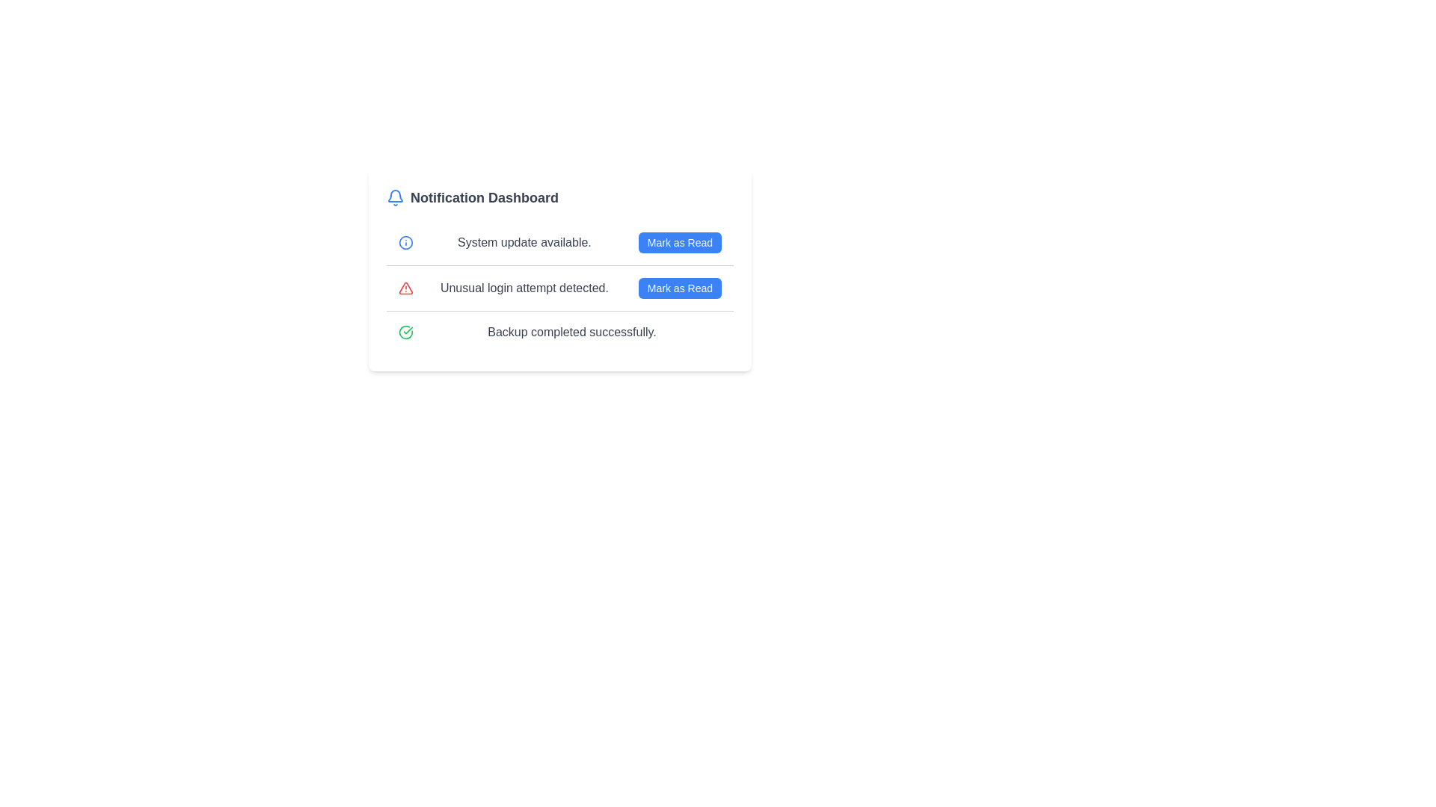 The width and height of the screenshot is (1436, 807). What do you see at coordinates (524, 241) in the screenshot?
I see `the text label displaying 'System update available.' which is styled in gray font and positioned between a blue circular icon and a 'Mark as Read' button` at bounding box center [524, 241].